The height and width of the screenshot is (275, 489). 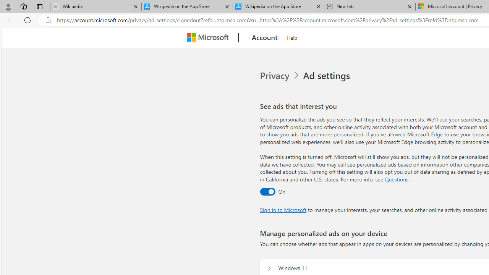 I want to click on 'Sign in to Microsoft', so click(x=283, y=210).